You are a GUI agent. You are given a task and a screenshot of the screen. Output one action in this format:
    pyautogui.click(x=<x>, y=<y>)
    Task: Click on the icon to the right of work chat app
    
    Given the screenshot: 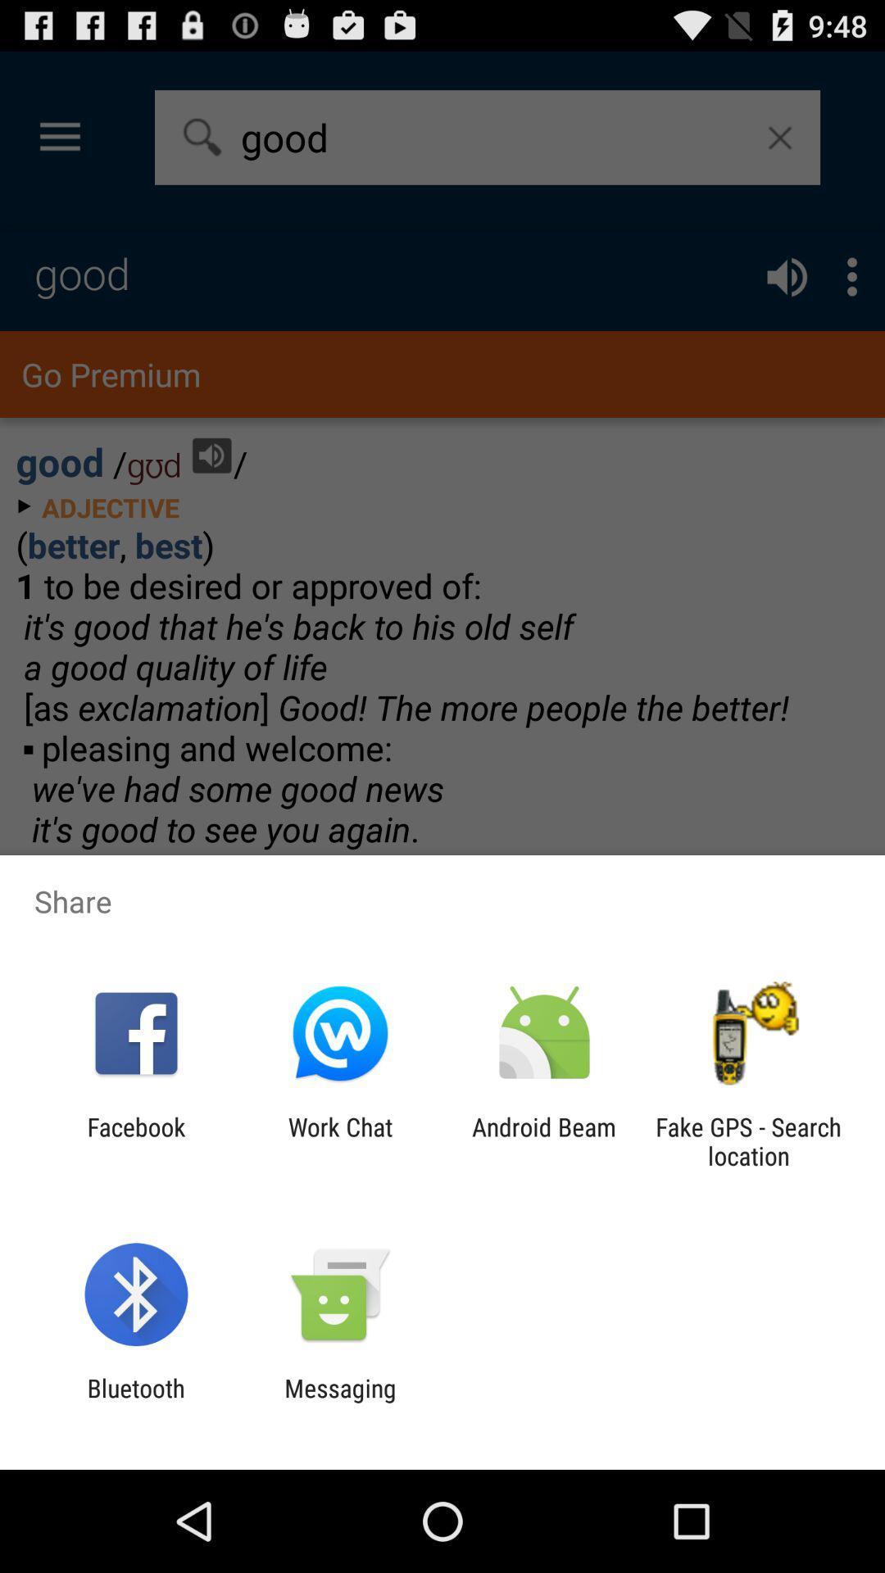 What is the action you would take?
    pyautogui.click(x=544, y=1140)
    